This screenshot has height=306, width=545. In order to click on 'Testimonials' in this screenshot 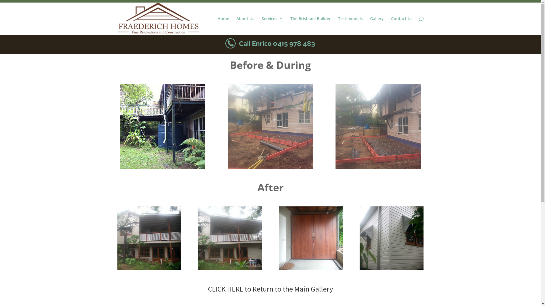, I will do `click(350, 26)`.